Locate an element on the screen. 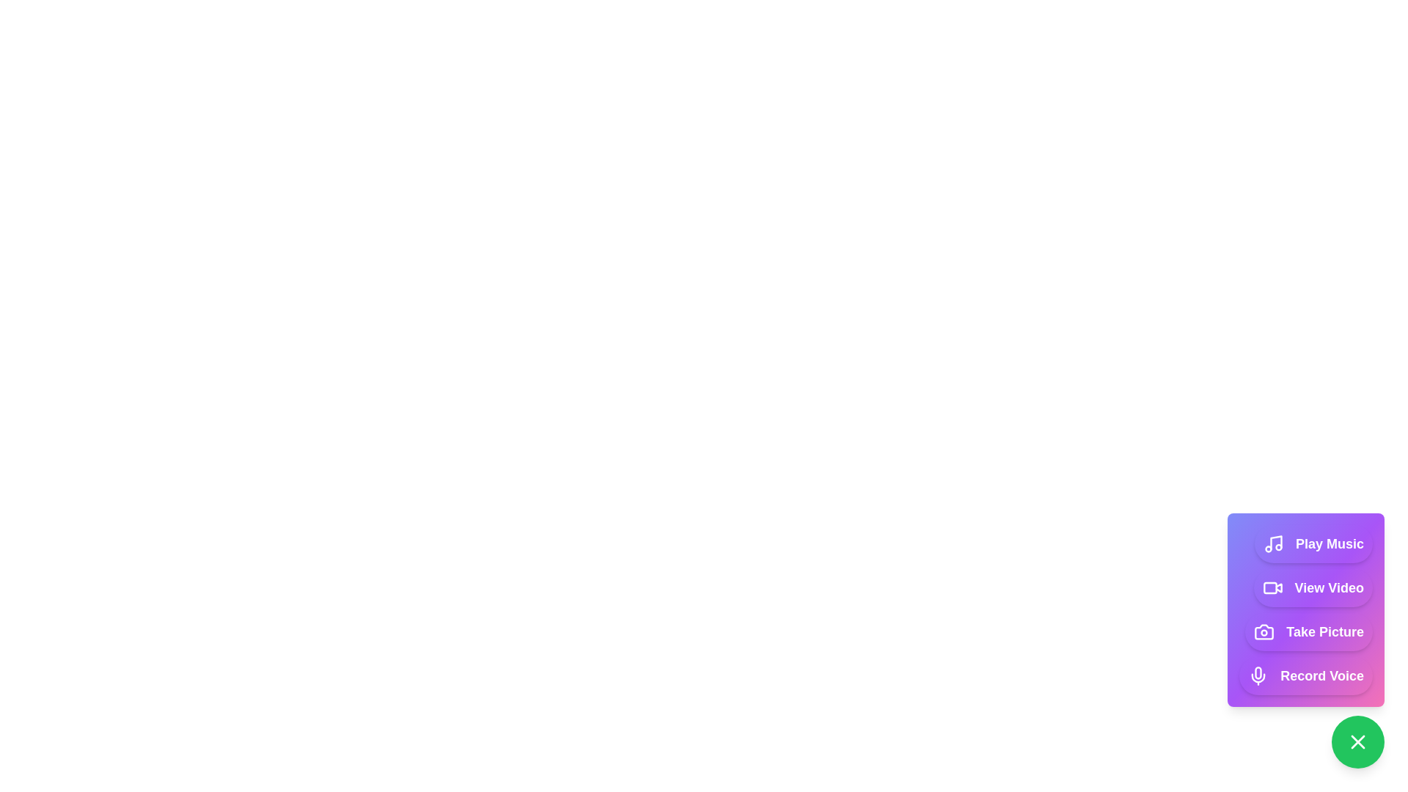 The width and height of the screenshot is (1408, 792). the button with label 'View Video' to visually inspect its text is located at coordinates (1313, 587).